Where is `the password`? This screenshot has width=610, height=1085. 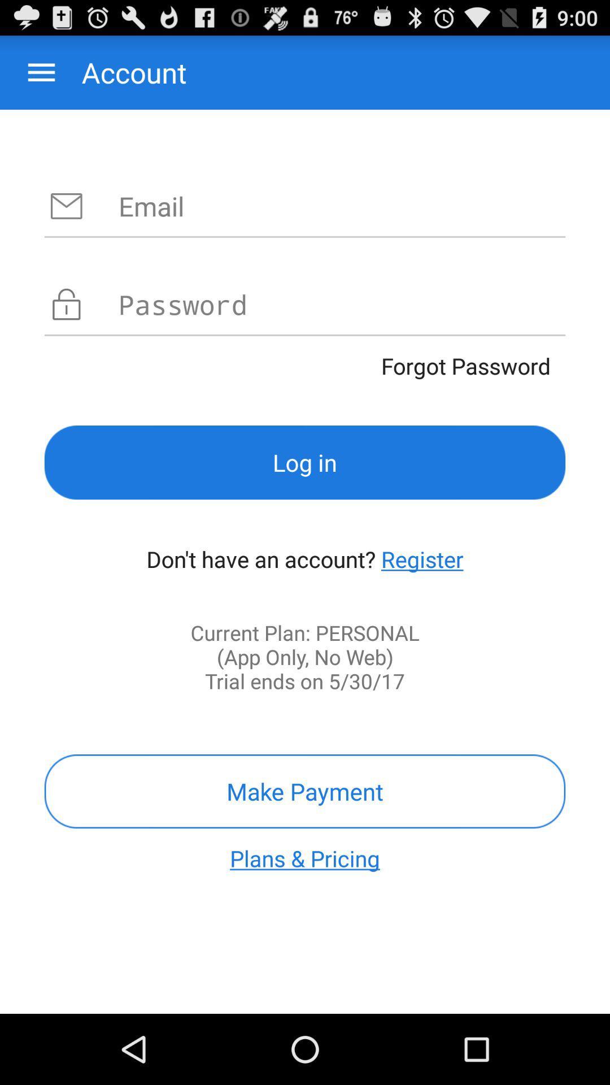 the password is located at coordinates (341, 304).